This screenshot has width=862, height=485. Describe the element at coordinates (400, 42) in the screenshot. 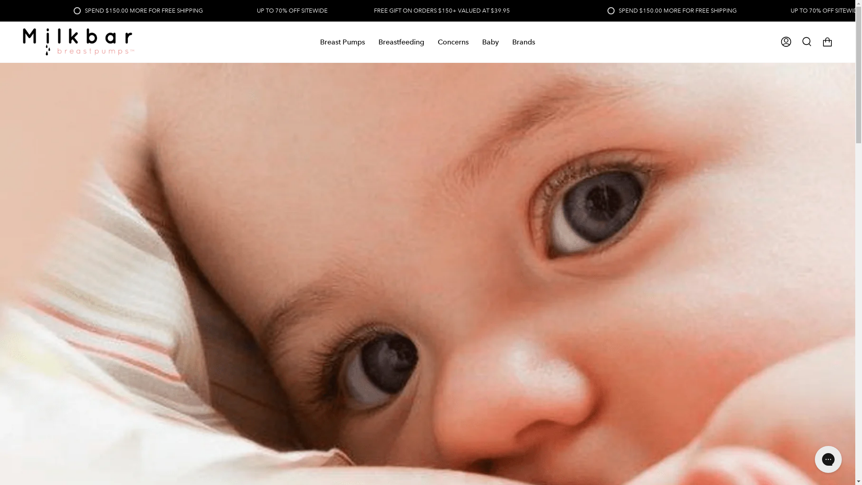

I see `'Breastfeeding'` at that location.